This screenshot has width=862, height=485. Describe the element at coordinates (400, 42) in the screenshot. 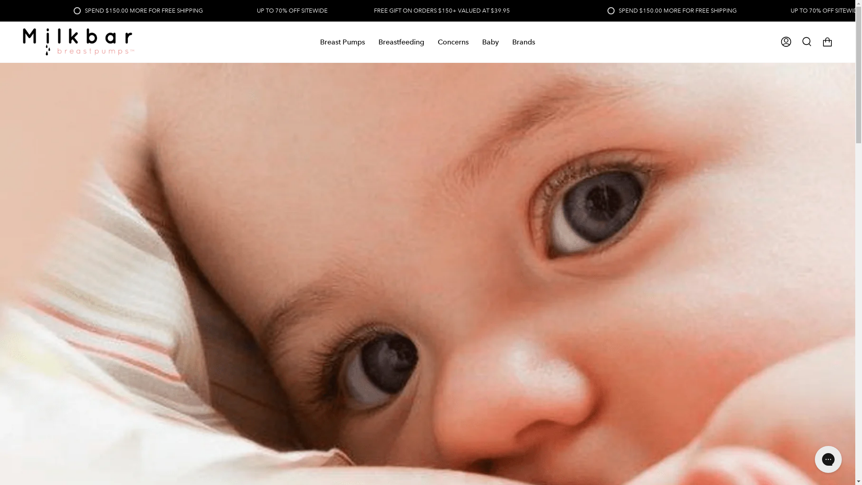

I see `'Breastfeeding'` at that location.